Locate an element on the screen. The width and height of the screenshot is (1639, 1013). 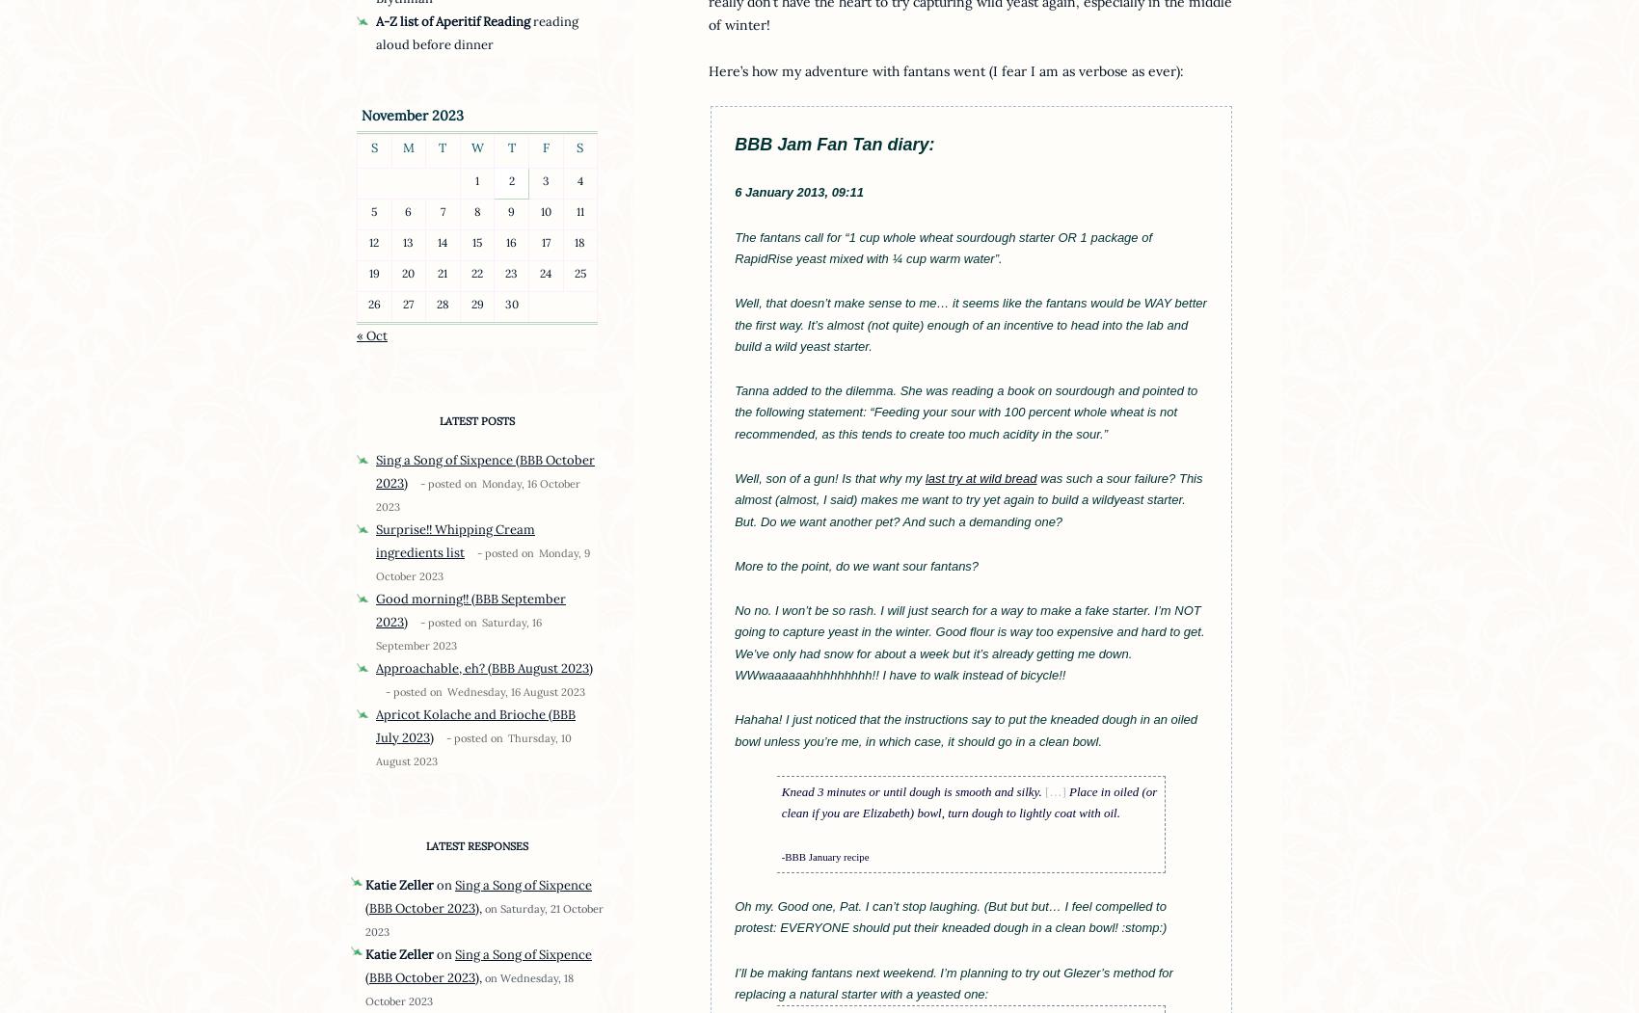
'Well, that doesn’t make sense to me… it seems like the fantans would be WAY better the first way. It’s almost (not quite) enough of an incentive to head into the lab and build a wild yeast starter.' is located at coordinates (733, 324).